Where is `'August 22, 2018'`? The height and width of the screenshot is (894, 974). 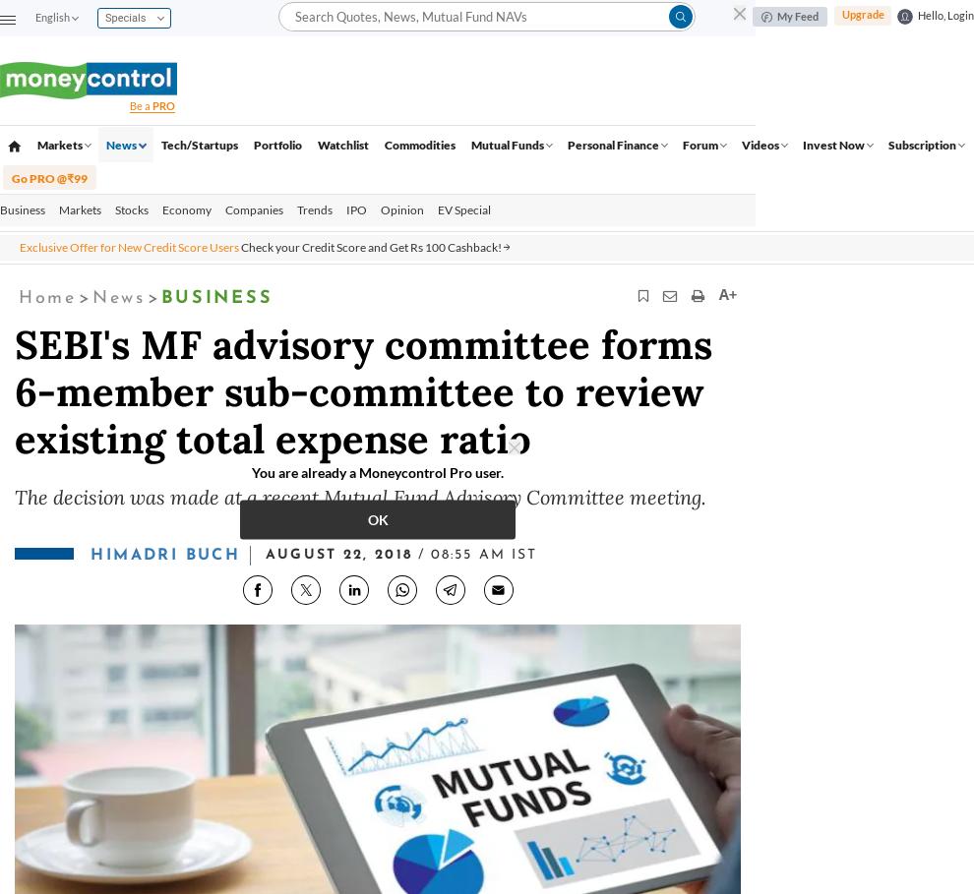
'August 22, 2018' is located at coordinates (337, 554).